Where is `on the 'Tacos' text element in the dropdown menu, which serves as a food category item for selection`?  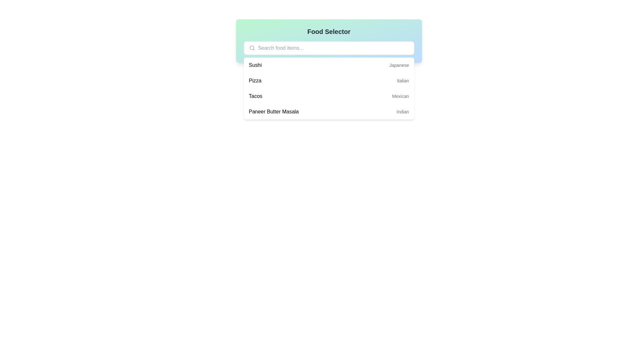
on the 'Tacos' text element in the dropdown menu, which serves as a food category item for selection is located at coordinates (255, 96).